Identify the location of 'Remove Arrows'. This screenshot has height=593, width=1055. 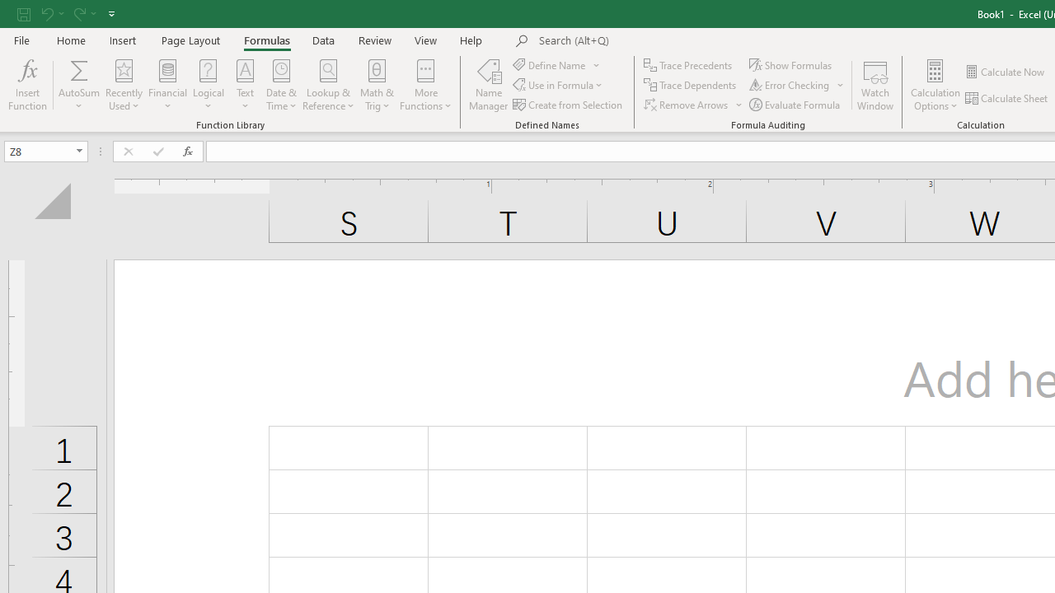
(694, 105).